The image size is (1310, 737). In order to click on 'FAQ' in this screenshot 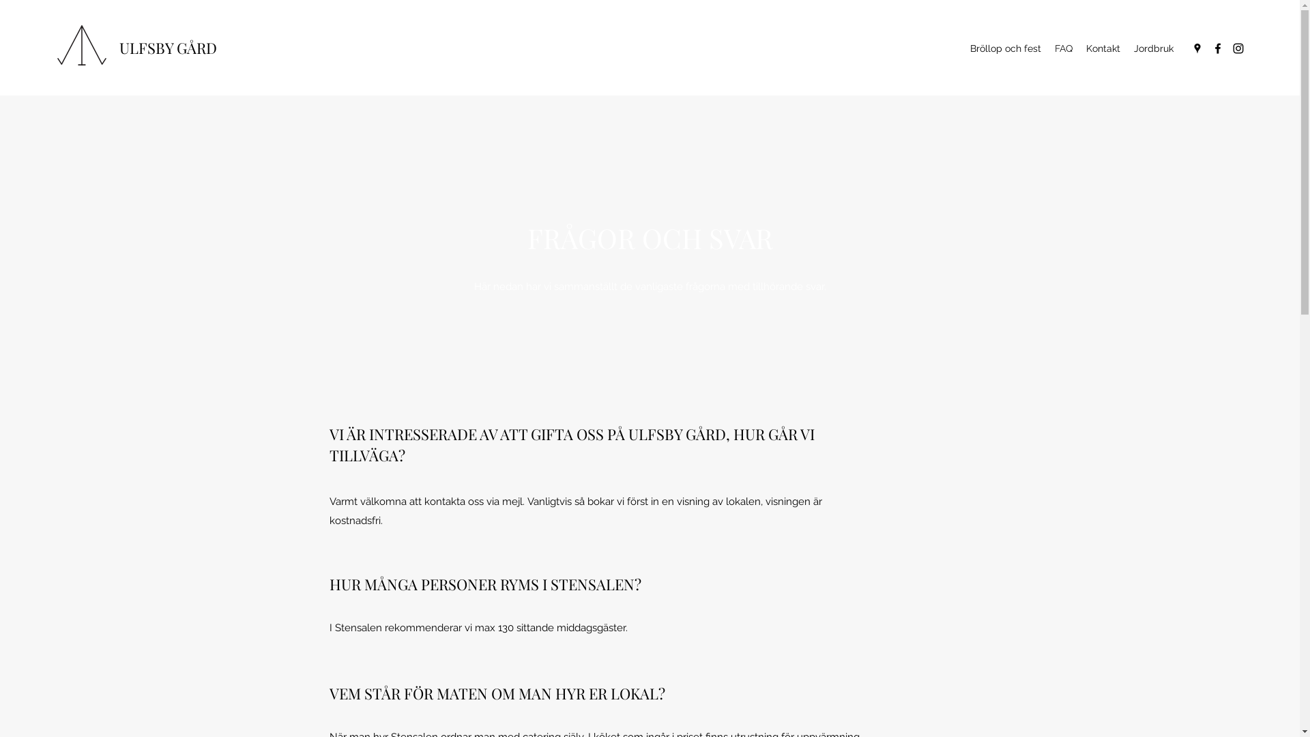, I will do `click(1047, 47)`.